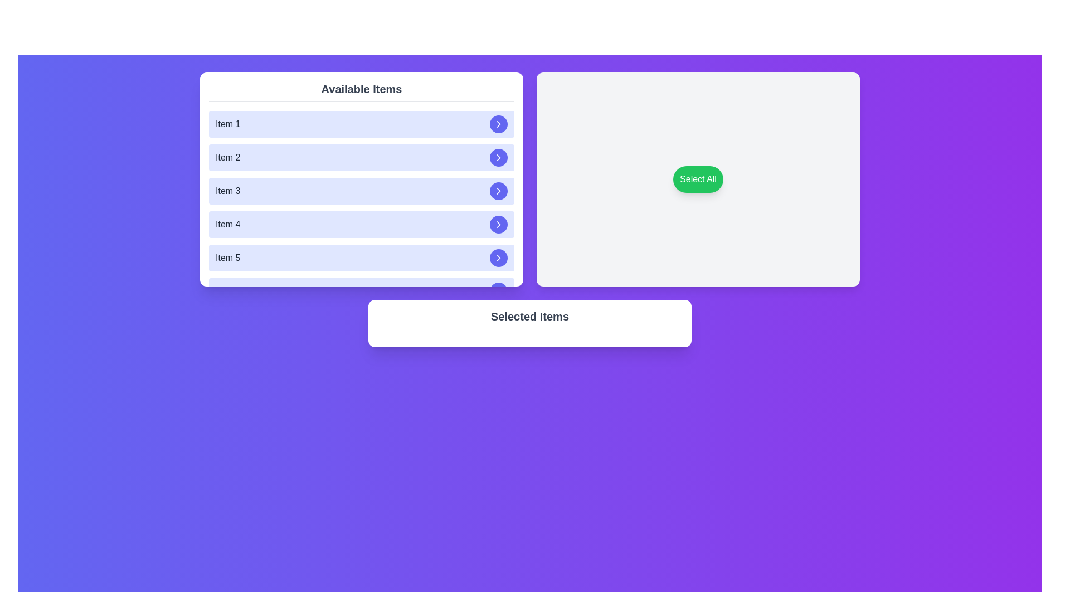 This screenshot has height=602, width=1070. I want to click on the text label that displays 'Item 5', which is styled with a gray font color and medium font weight, located below the 'Available Items' header, so click(227, 258).